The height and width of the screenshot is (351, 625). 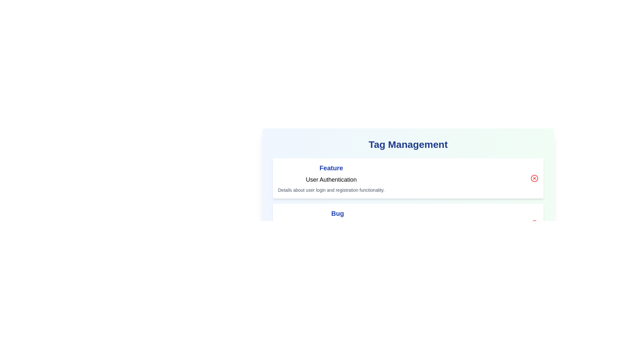 What do you see at coordinates (331, 179) in the screenshot?
I see `the Text Label that serves as a subsection title for user authentication, labeled 'User Authentication', which is located between the heading 'Feature' and the description 'Details about user login and registration functionality'` at bounding box center [331, 179].